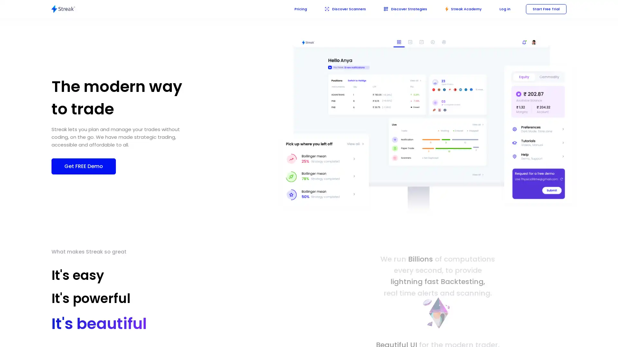 Image resolution: width=618 pixels, height=347 pixels. Describe the element at coordinates (503, 9) in the screenshot. I see `Log in` at that location.